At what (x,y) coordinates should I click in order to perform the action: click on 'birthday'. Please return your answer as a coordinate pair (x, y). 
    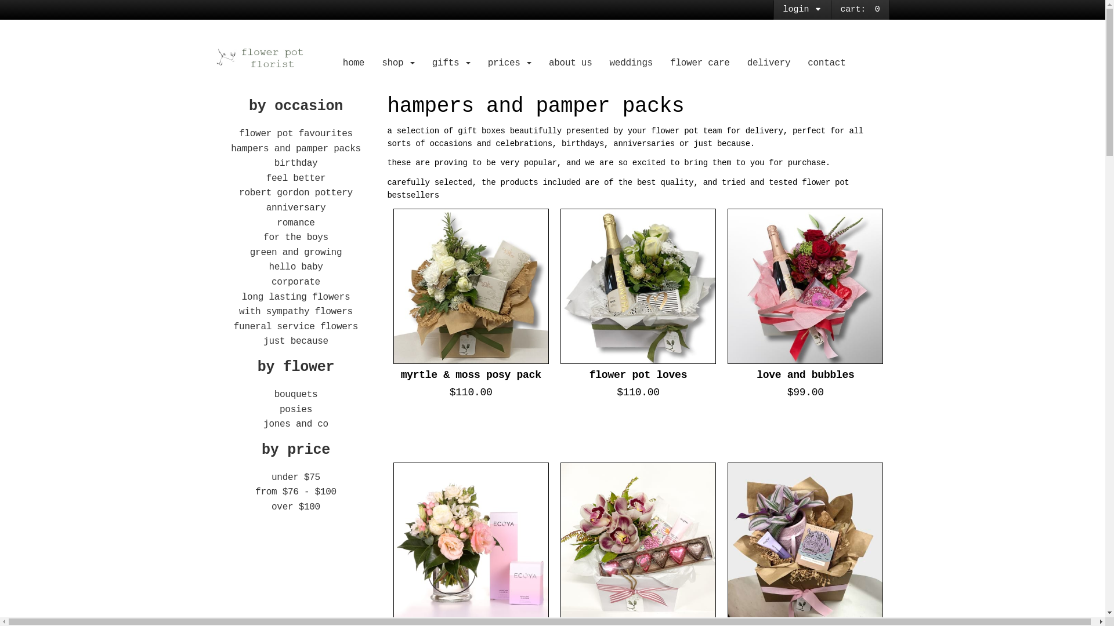
    Looking at the image, I should click on (296, 163).